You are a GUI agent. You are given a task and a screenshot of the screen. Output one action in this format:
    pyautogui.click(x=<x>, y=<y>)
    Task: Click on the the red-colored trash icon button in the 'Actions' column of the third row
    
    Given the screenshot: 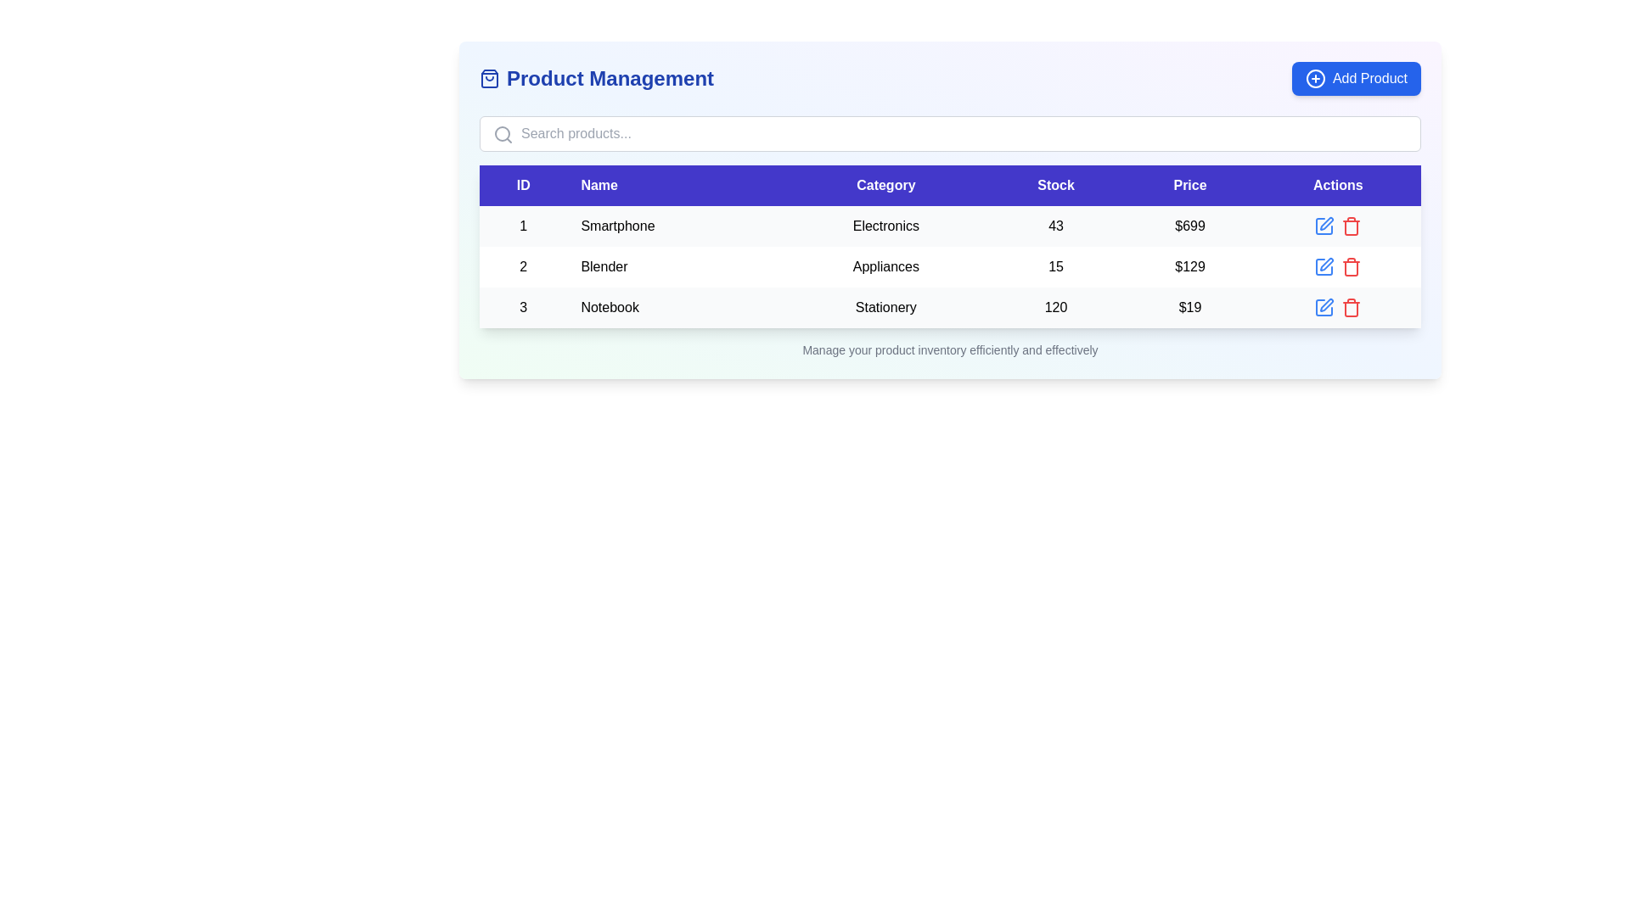 What is the action you would take?
    pyautogui.click(x=1351, y=307)
    